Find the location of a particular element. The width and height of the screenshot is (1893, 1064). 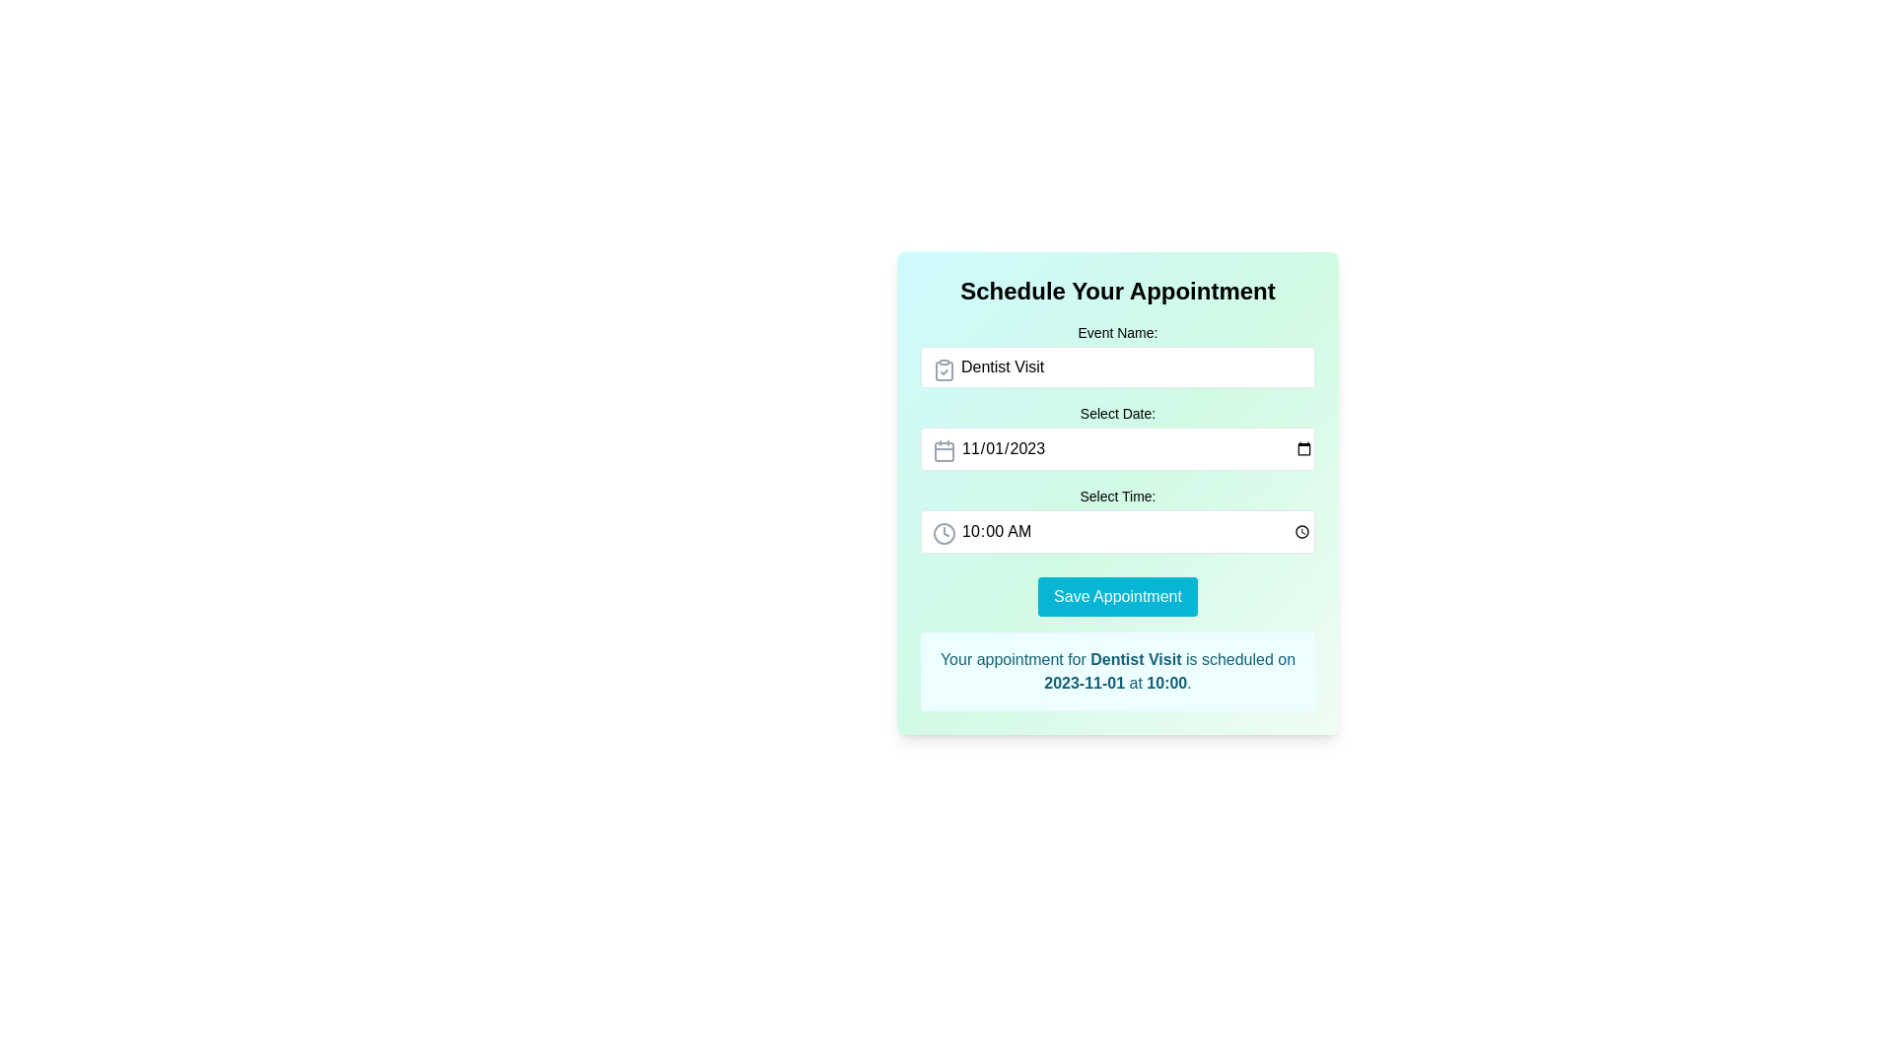

the calendar icon located in the 'Select Date:' section is located at coordinates (944, 451).